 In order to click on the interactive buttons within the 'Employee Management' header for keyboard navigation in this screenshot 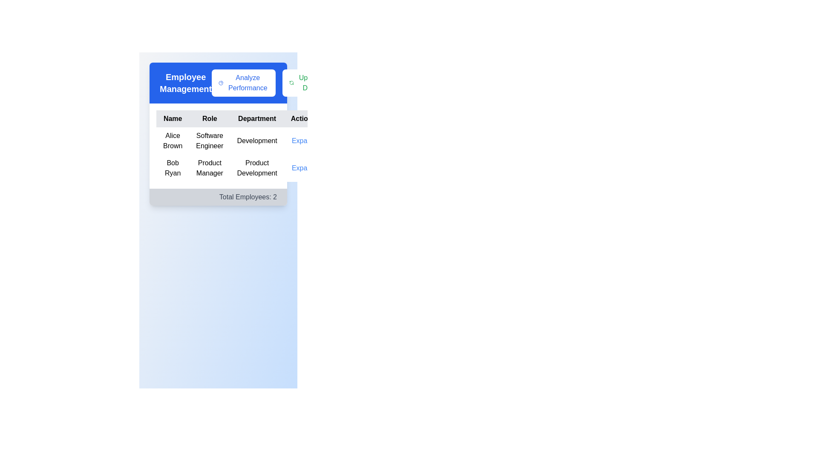, I will do `click(218, 83)`.